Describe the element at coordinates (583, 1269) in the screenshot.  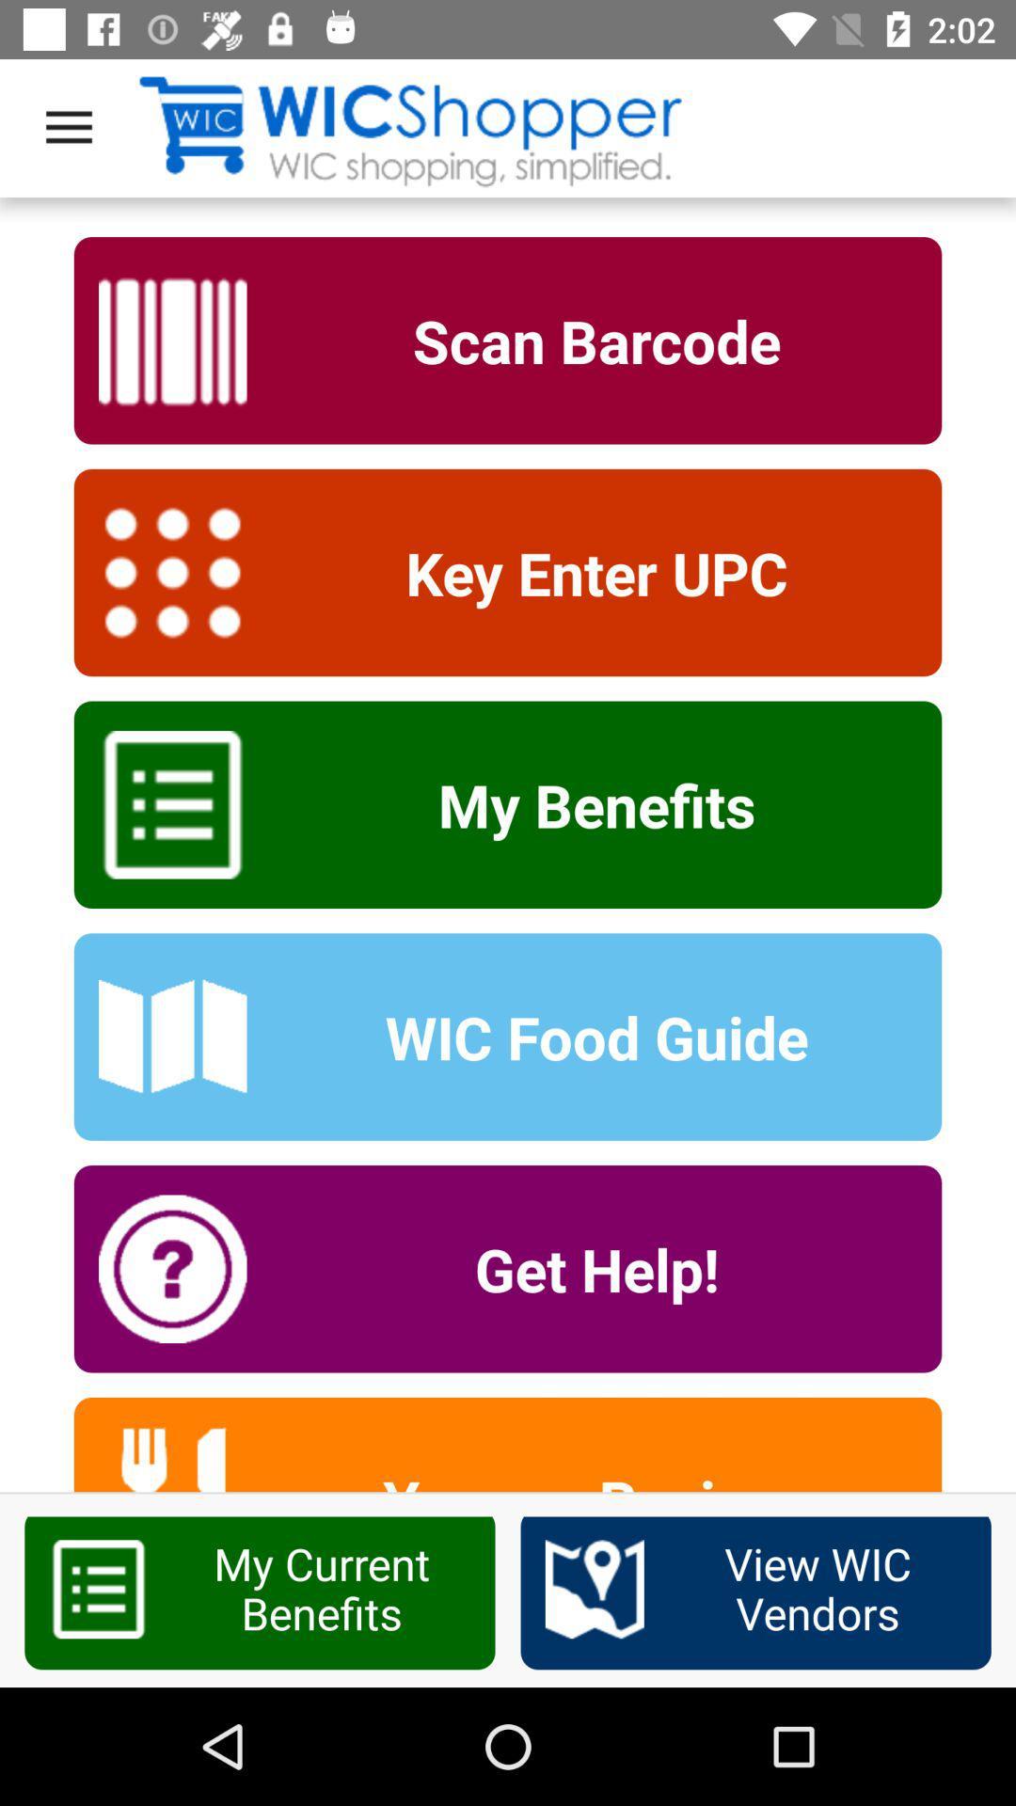
I see `the get help! icon` at that location.